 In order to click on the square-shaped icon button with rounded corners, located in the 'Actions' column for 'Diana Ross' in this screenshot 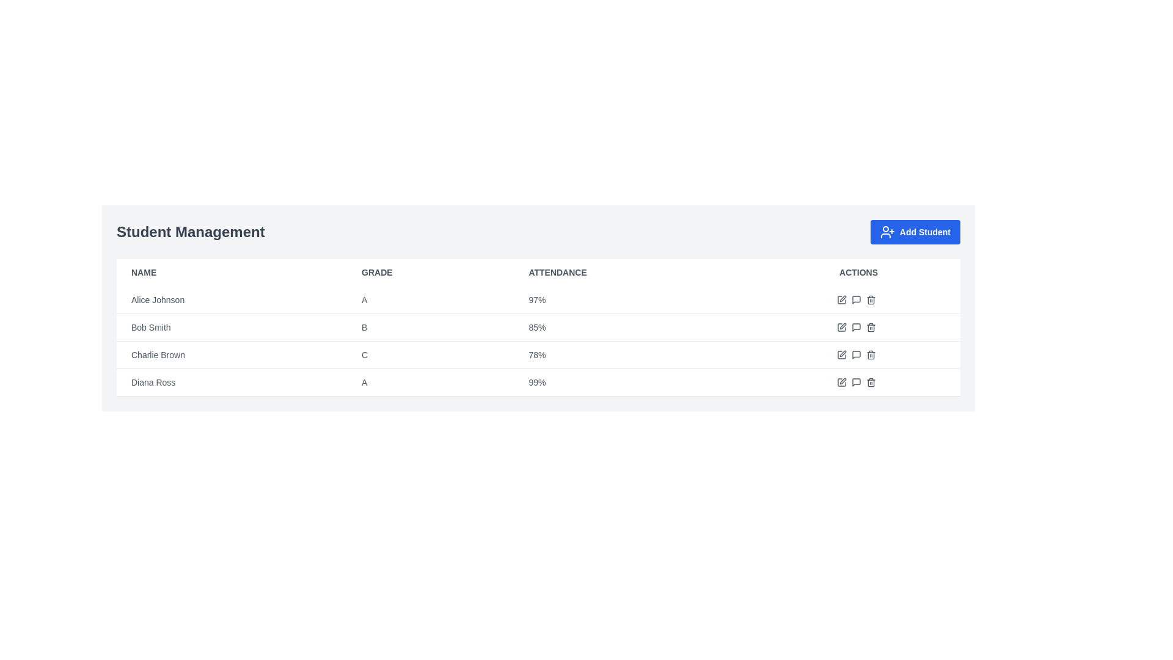, I will do `click(841, 381)`.